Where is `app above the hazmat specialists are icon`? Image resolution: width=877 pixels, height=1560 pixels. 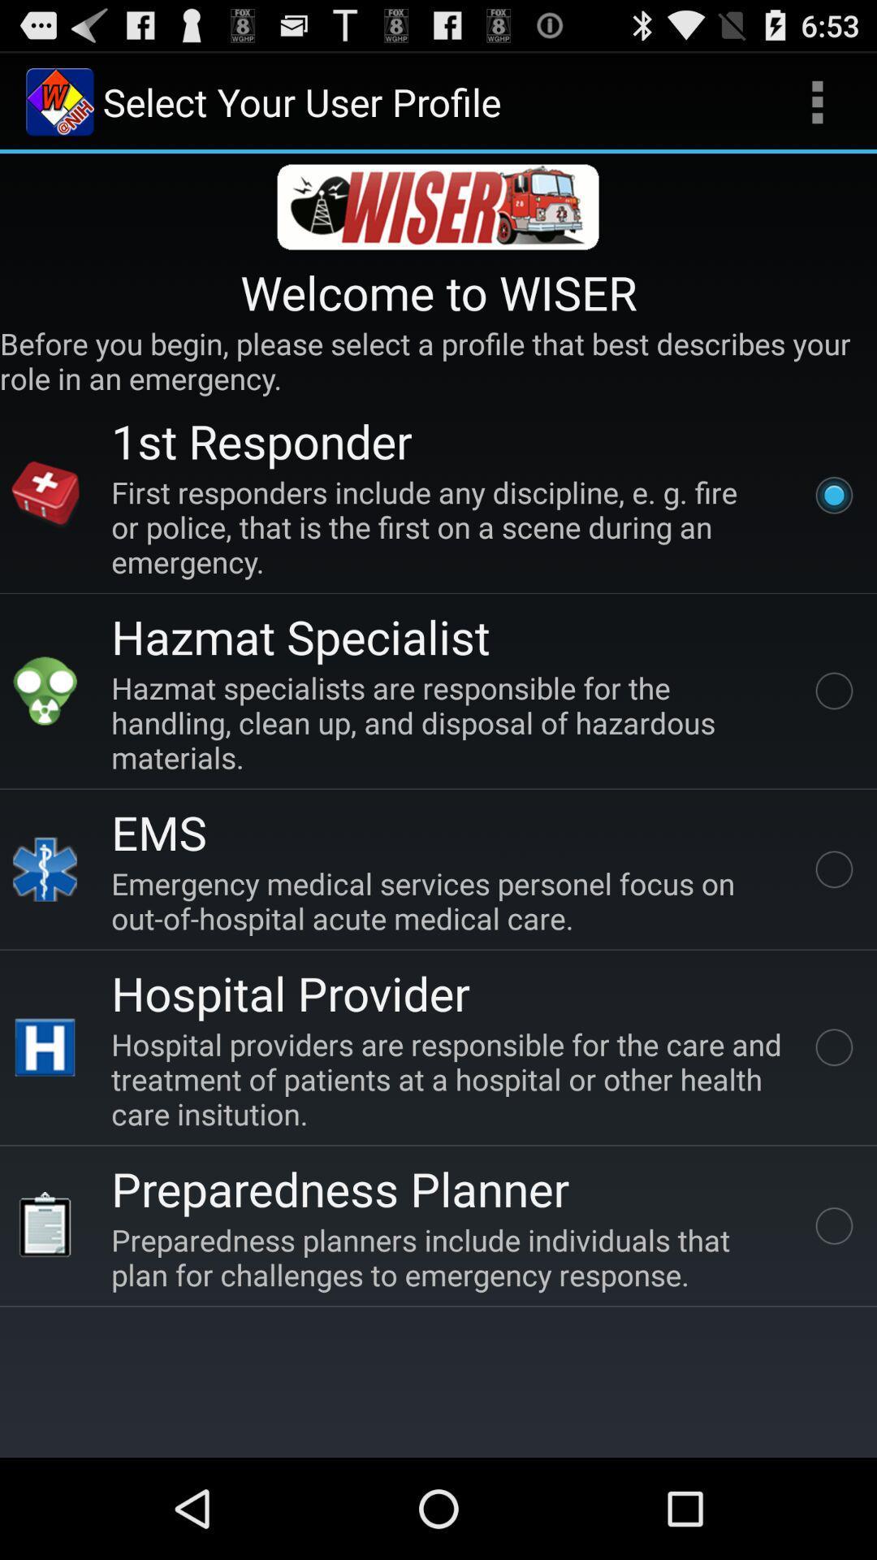
app above the hazmat specialists are icon is located at coordinates (300, 635).